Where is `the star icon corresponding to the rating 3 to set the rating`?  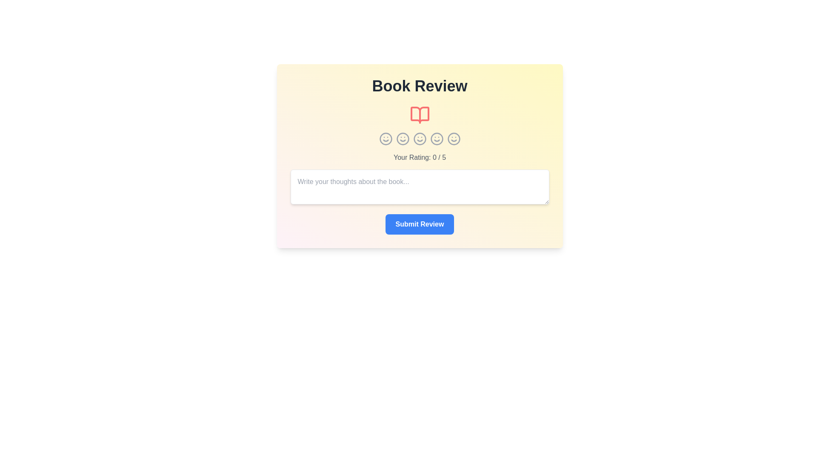 the star icon corresponding to the rating 3 to set the rating is located at coordinates (420, 139).